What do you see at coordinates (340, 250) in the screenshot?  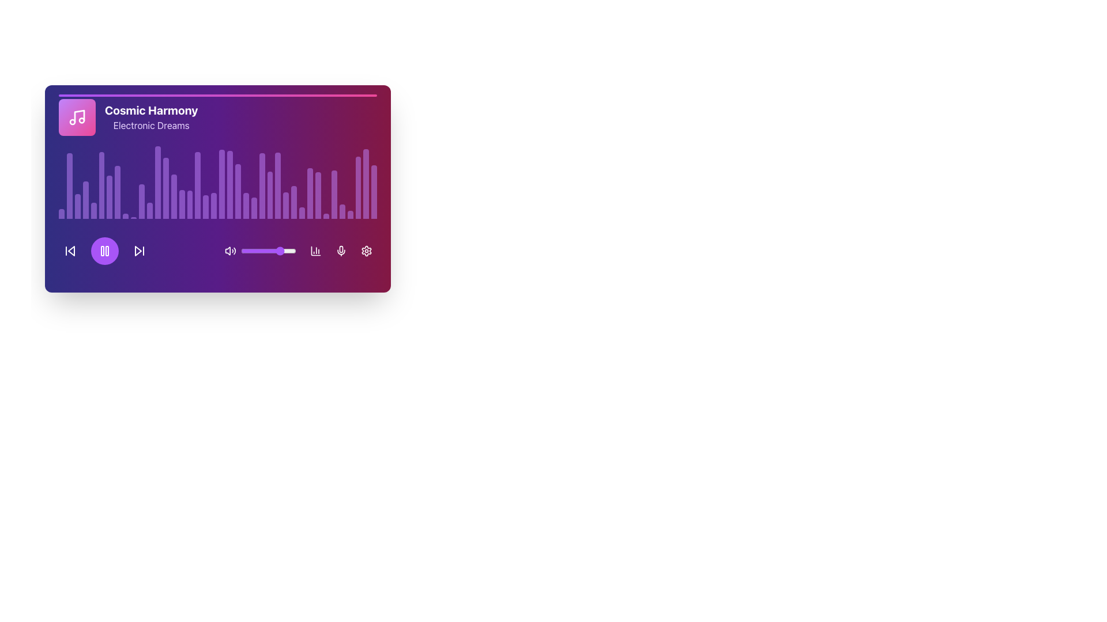 I see `the microphone icon, which is the fourth icon from the right in the bottom icon row of the music player interface` at bounding box center [340, 250].